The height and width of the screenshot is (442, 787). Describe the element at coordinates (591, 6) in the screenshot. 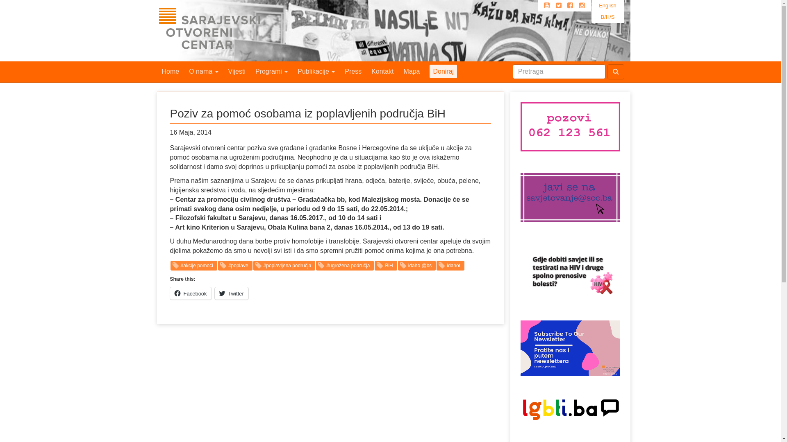

I see `'English'` at that location.